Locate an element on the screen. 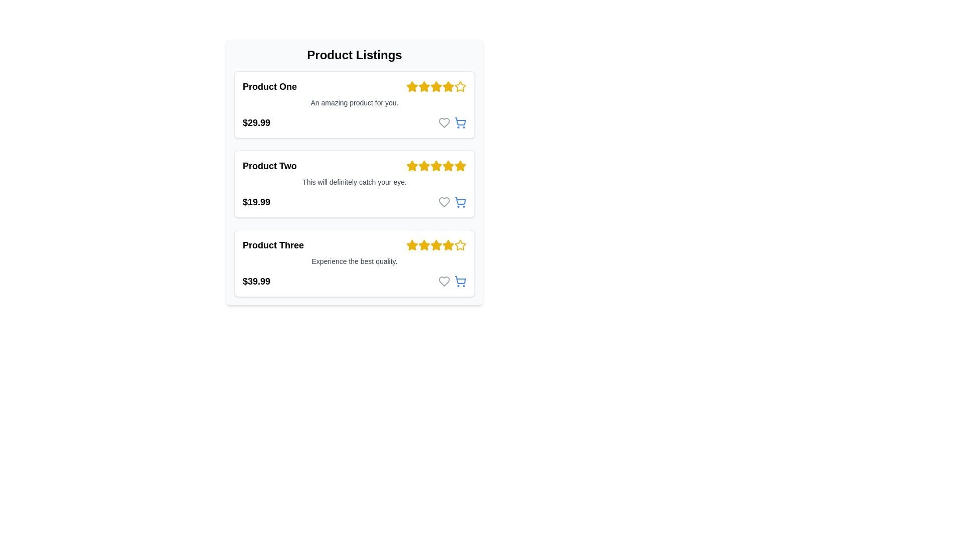  the fourth star icon in the rating system for 'Product One', which is highlighted and located above the price in the product listings section is located at coordinates (436, 86).